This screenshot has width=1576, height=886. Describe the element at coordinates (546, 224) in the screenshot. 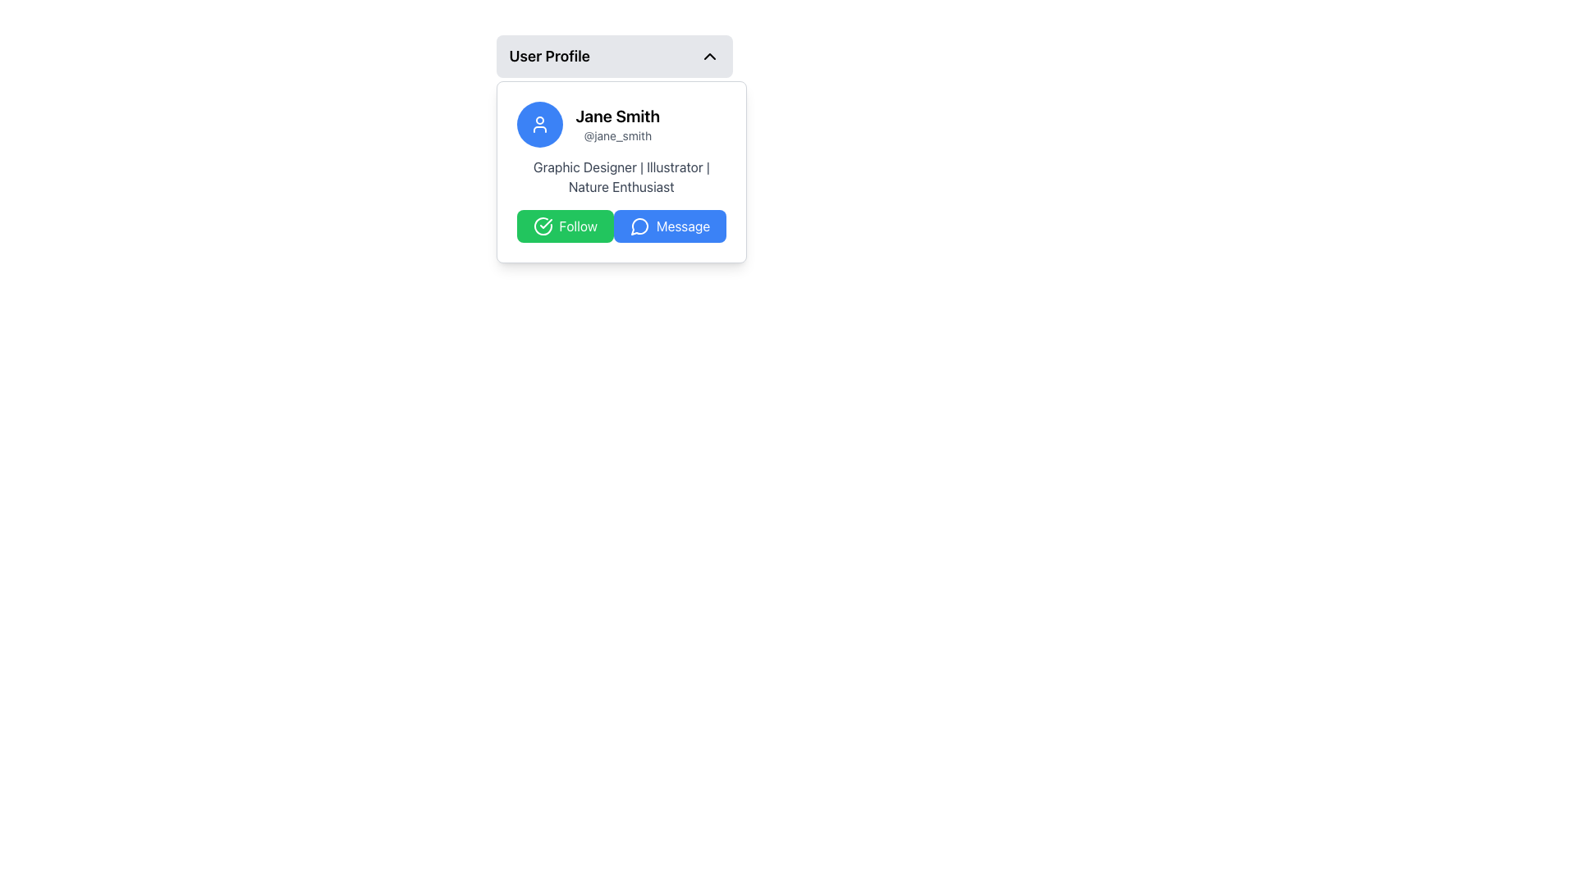

I see `the circular confirmation icon located to the left of the green 'Follow' button` at that location.